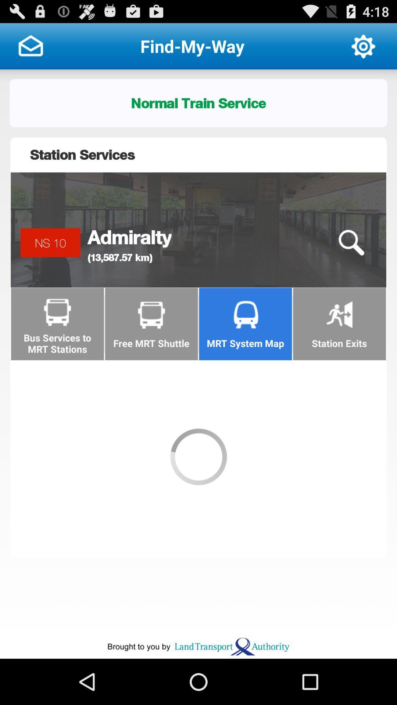 The height and width of the screenshot is (705, 397). What do you see at coordinates (30, 46) in the screenshot?
I see `app to the left of find-my-way` at bounding box center [30, 46].